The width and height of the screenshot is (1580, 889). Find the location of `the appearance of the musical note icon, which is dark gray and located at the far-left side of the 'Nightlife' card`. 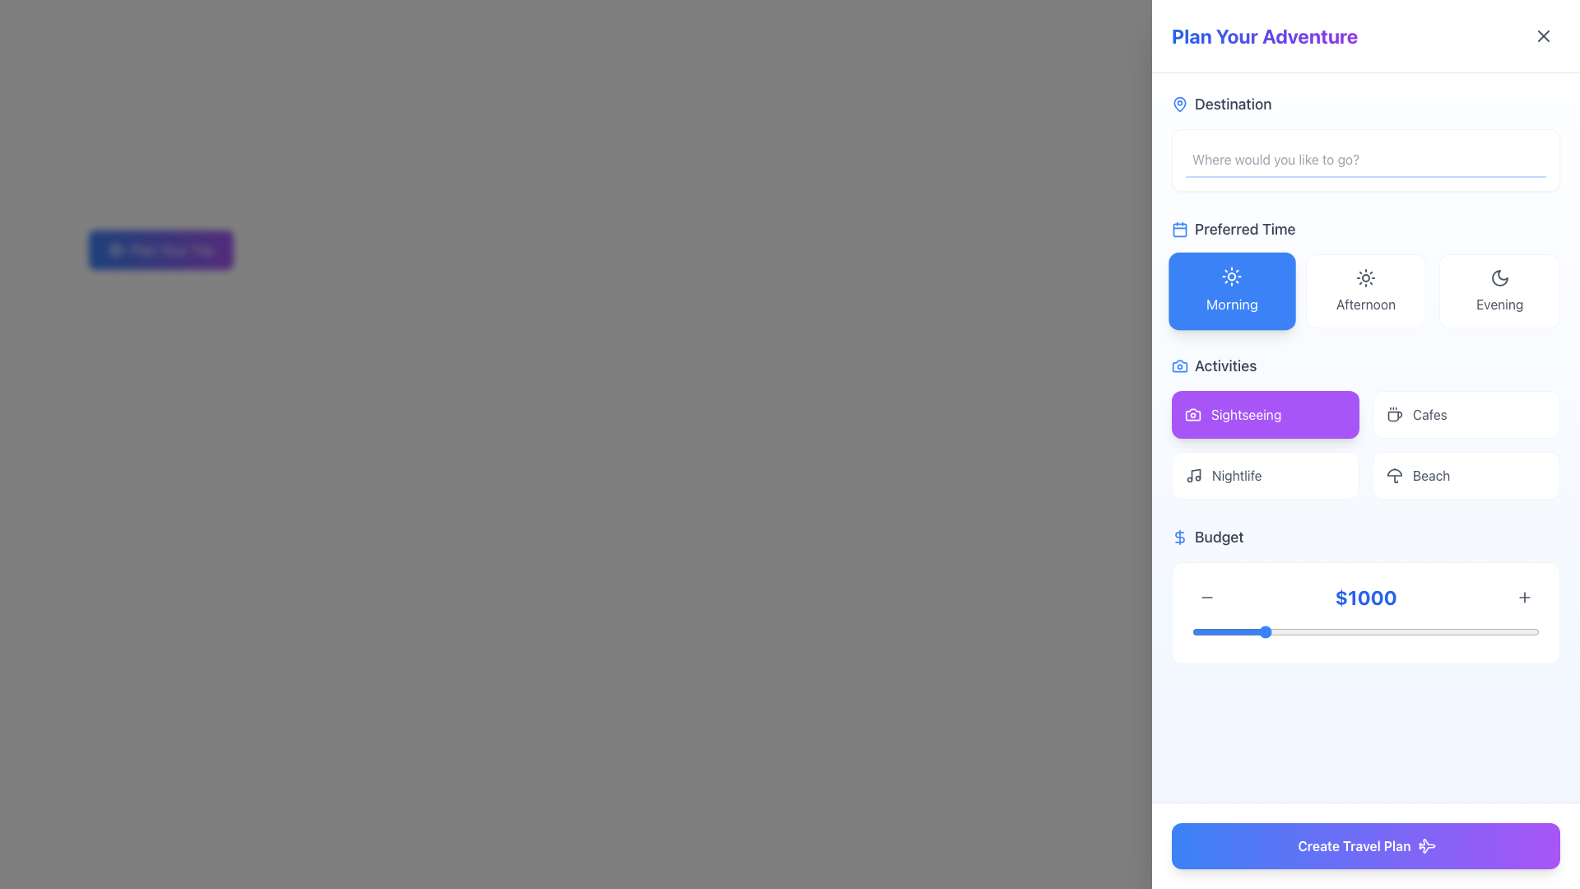

the appearance of the musical note icon, which is dark gray and located at the far-left side of the 'Nightlife' card is located at coordinates (1193, 476).